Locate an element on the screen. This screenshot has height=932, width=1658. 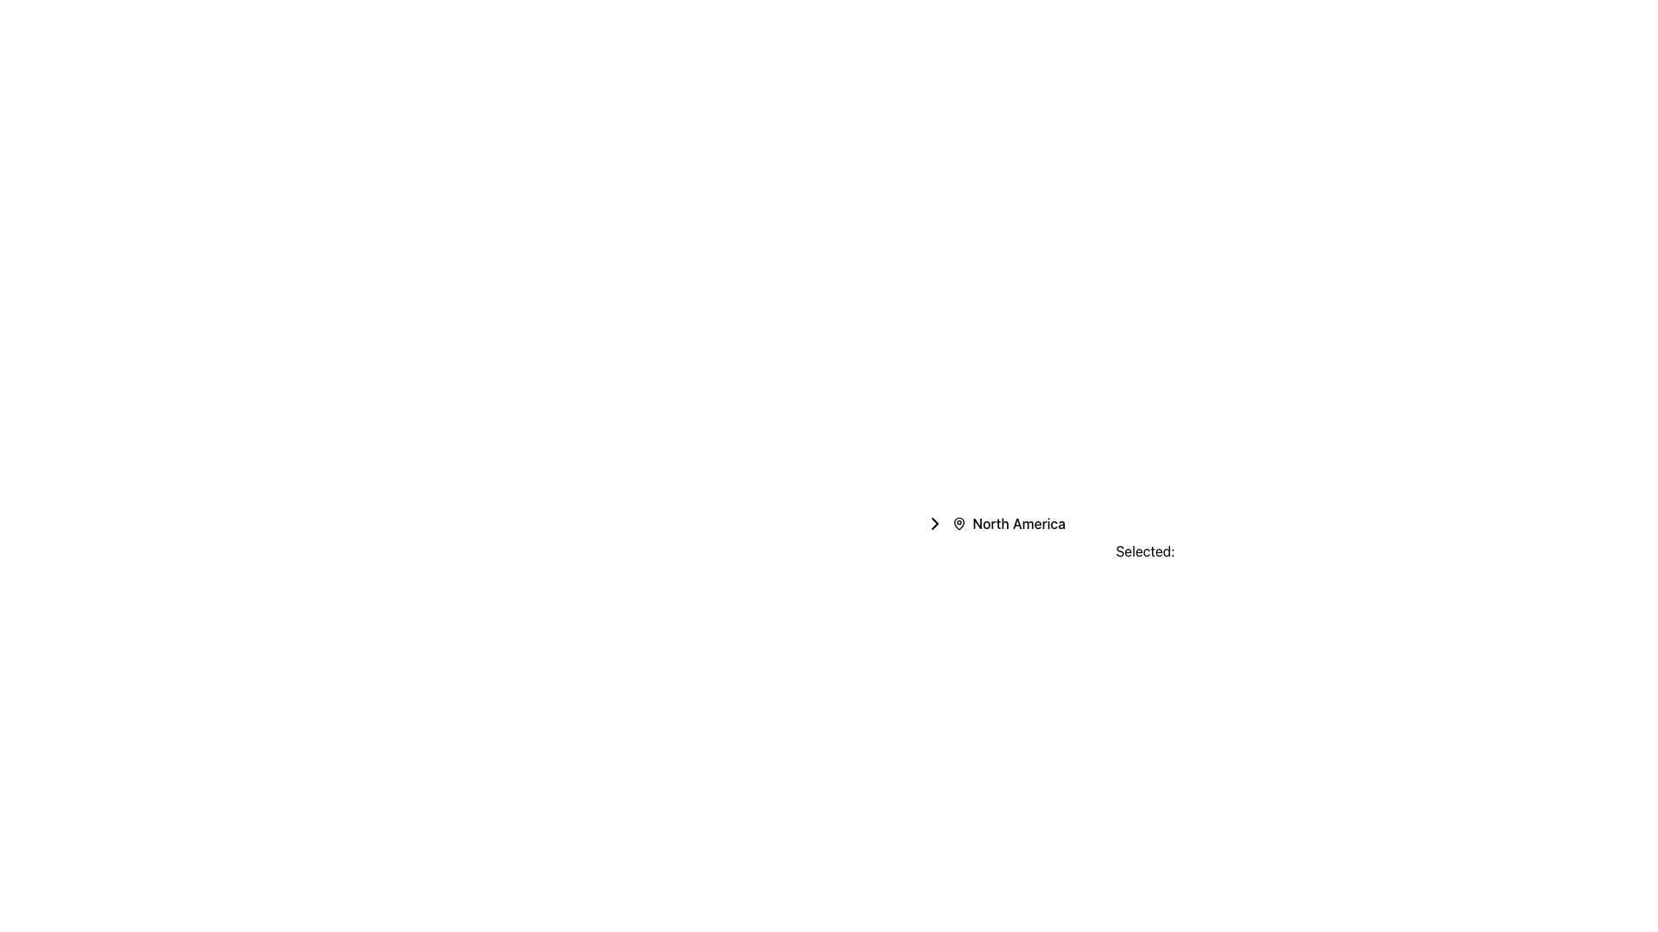
the text label displaying 'Selected:' which is positioned beneath the 'North America' label is located at coordinates (1145, 551).